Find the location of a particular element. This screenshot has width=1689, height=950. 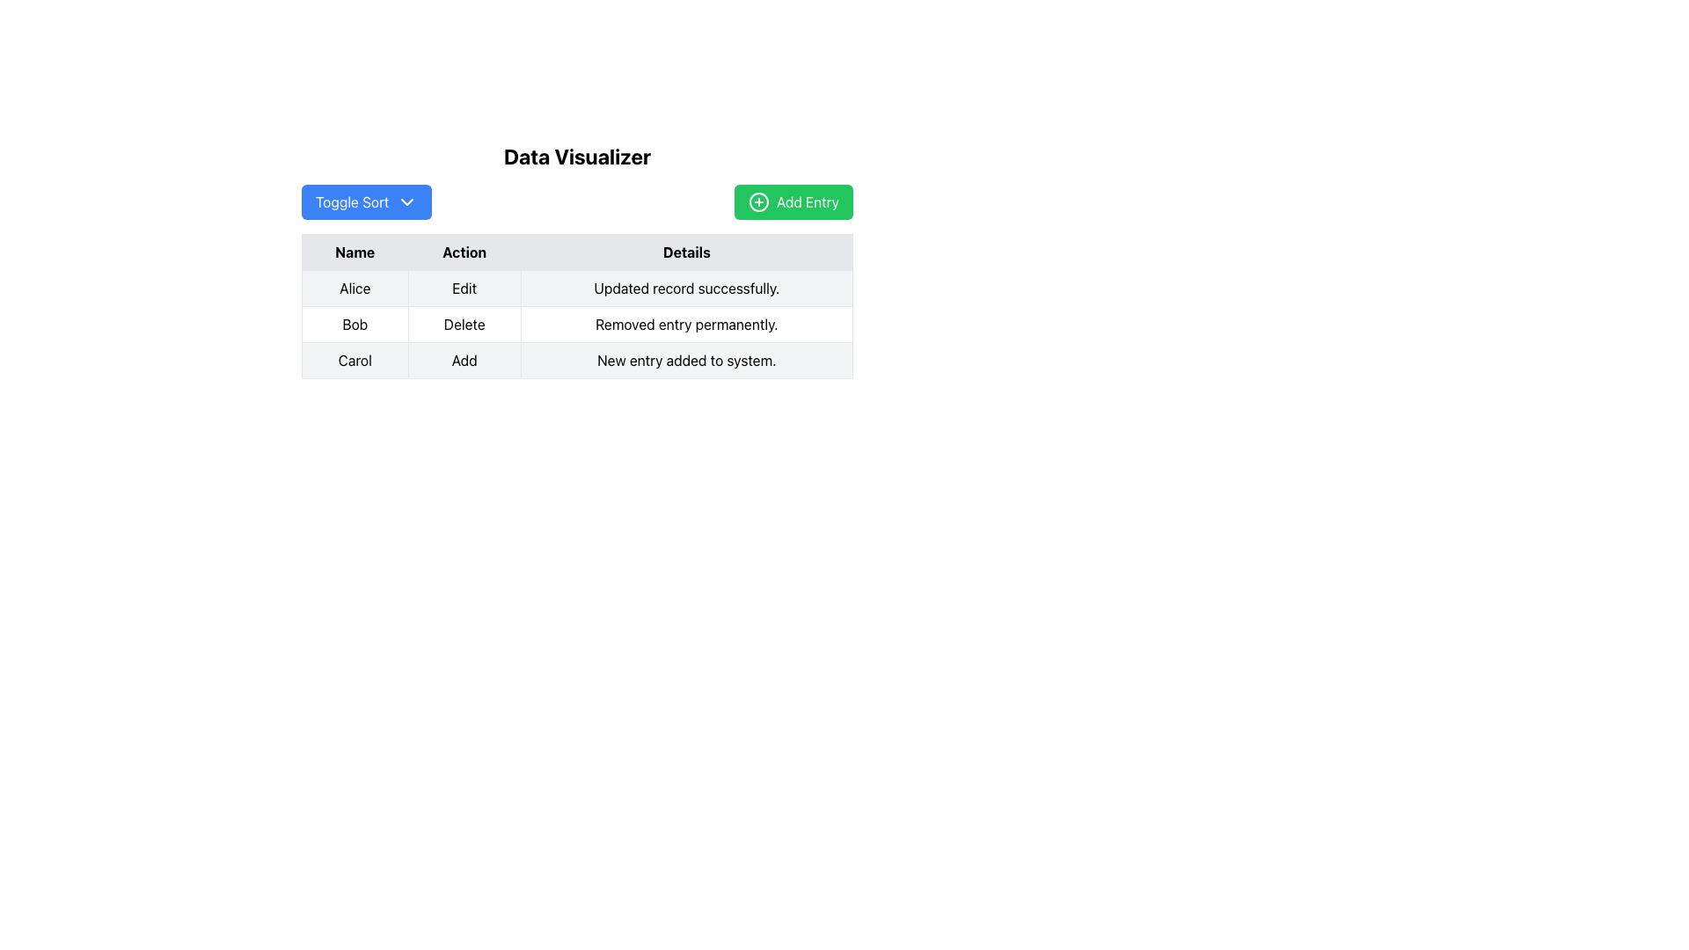

the 'Delete' text element located in the second row of the table within the 'Action' column, which is bordered and contains bold text is located at coordinates (464, 325).